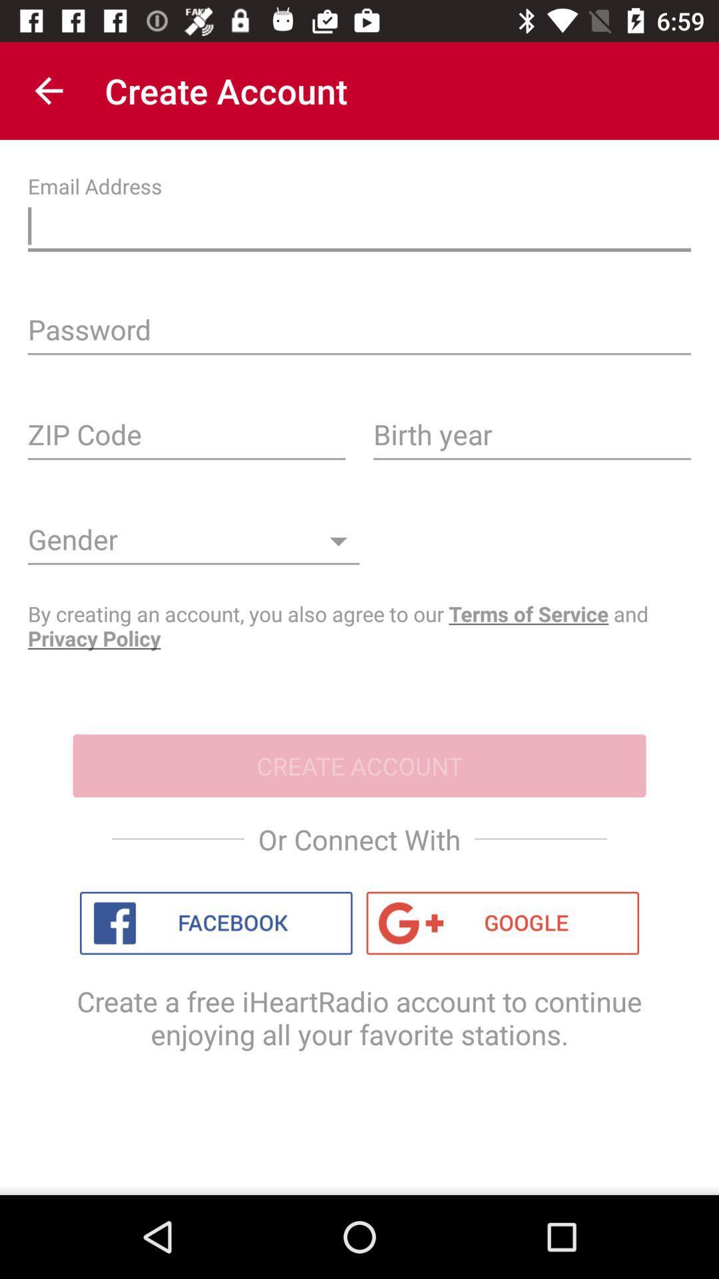 This screenshot has width=719, height=1279. I want to click on an account using facebook profile, so click(215, 923).